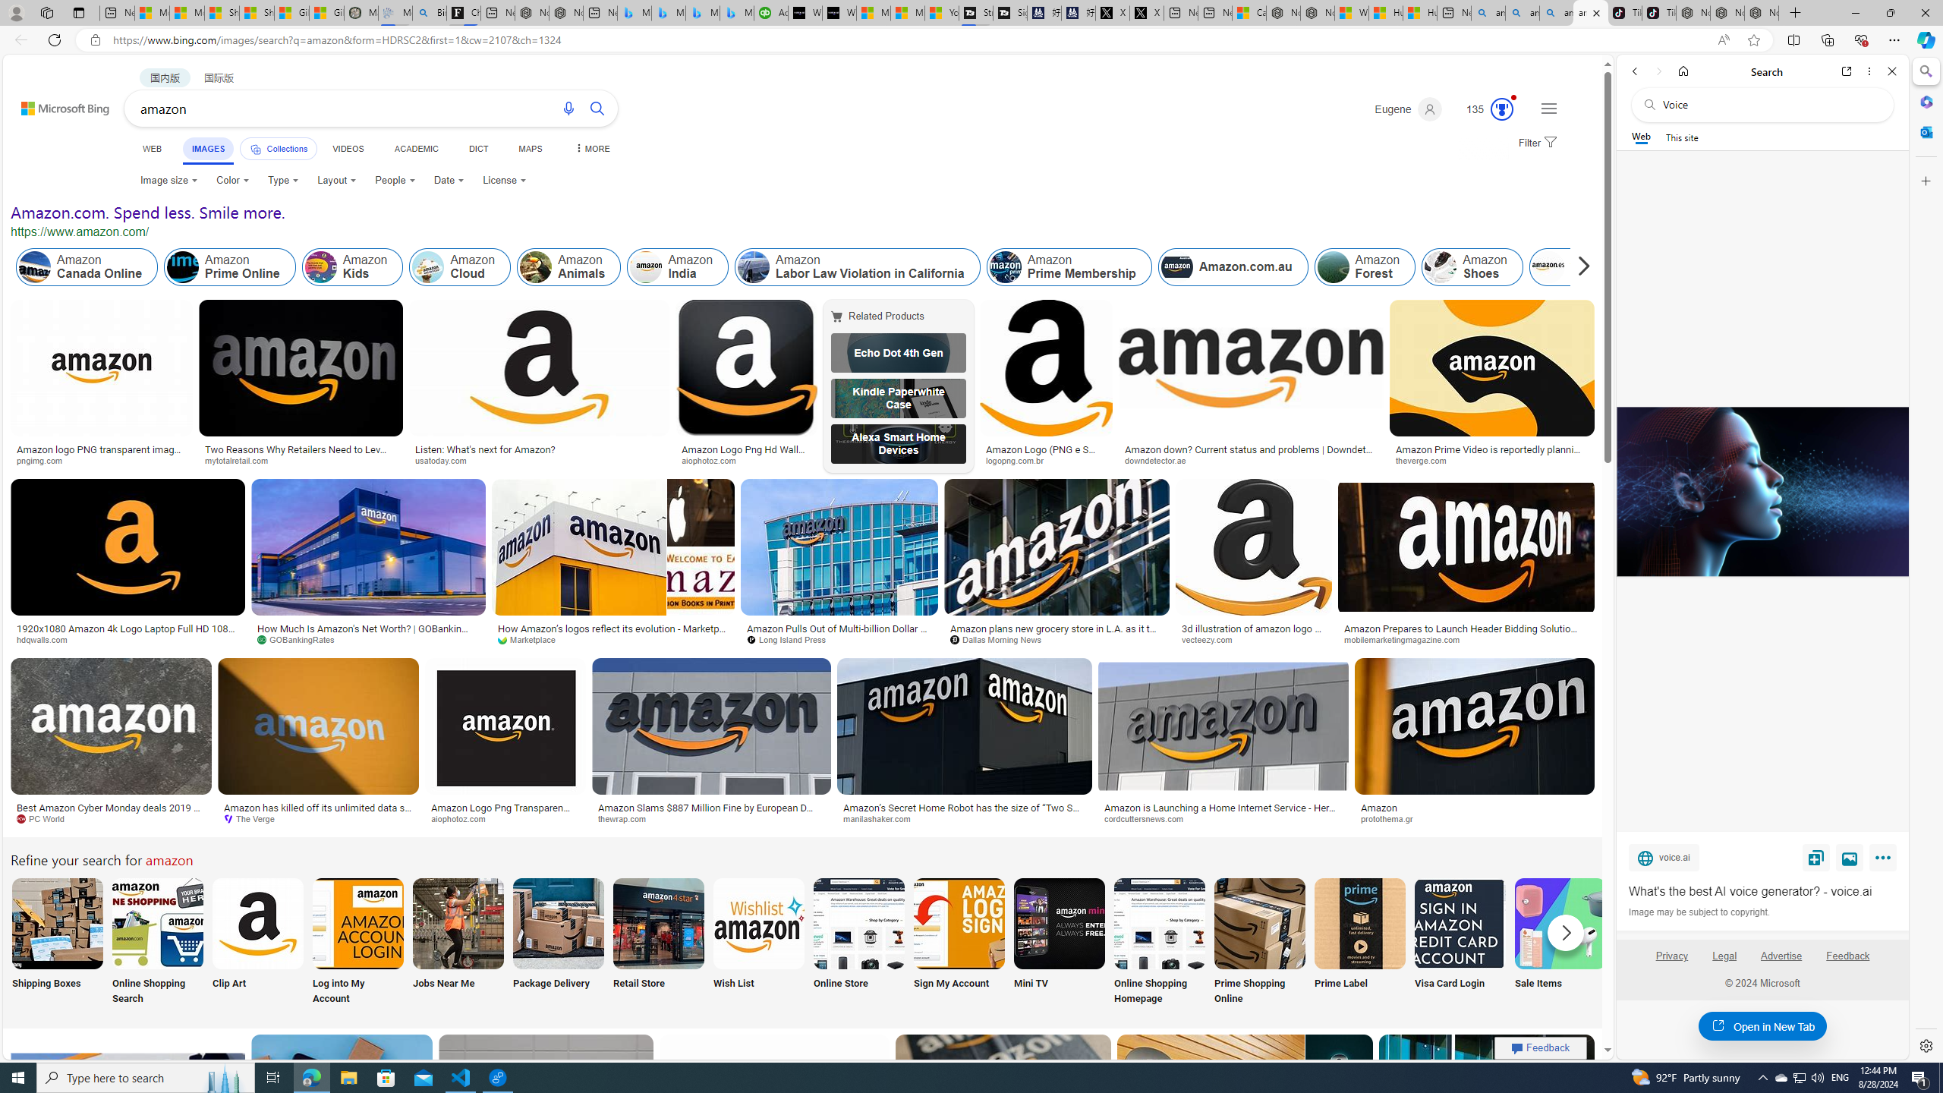 The height and width of the screenshot is (1093, 1943). Describe the element at coordinates (1693, 12) in the screenshot. I see `'Nordace - Best Sellers'` at that location.